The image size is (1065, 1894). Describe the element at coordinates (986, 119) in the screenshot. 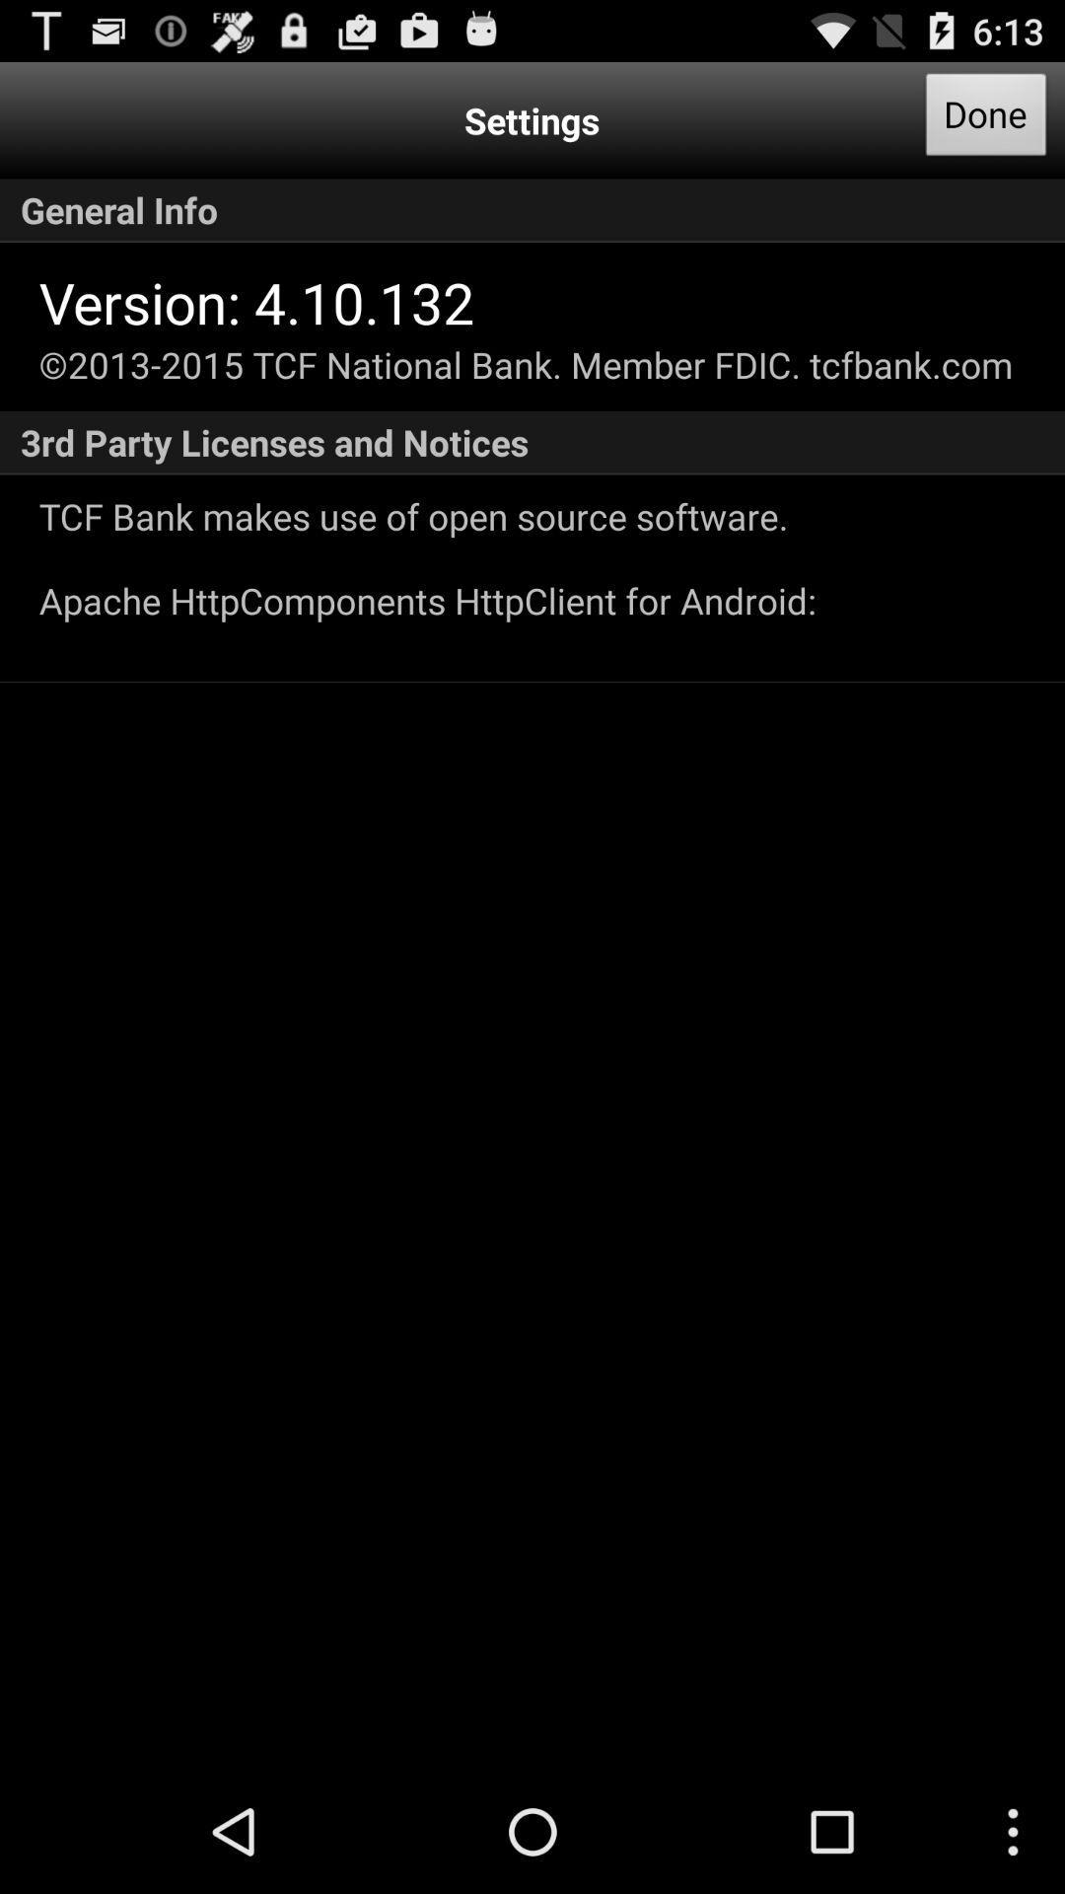

I see `done` at that location.